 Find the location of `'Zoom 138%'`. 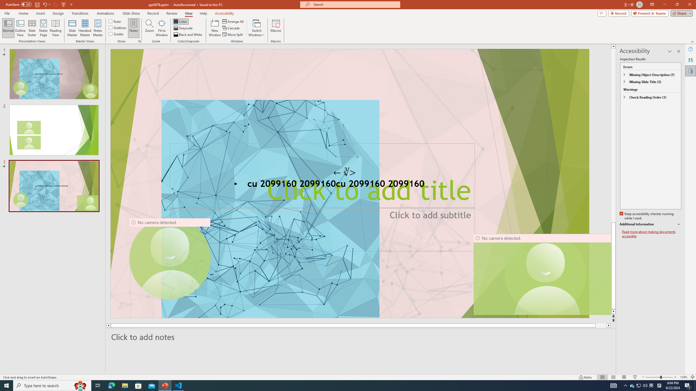

'Zoom 138%' is located at coordinates (684, 377).